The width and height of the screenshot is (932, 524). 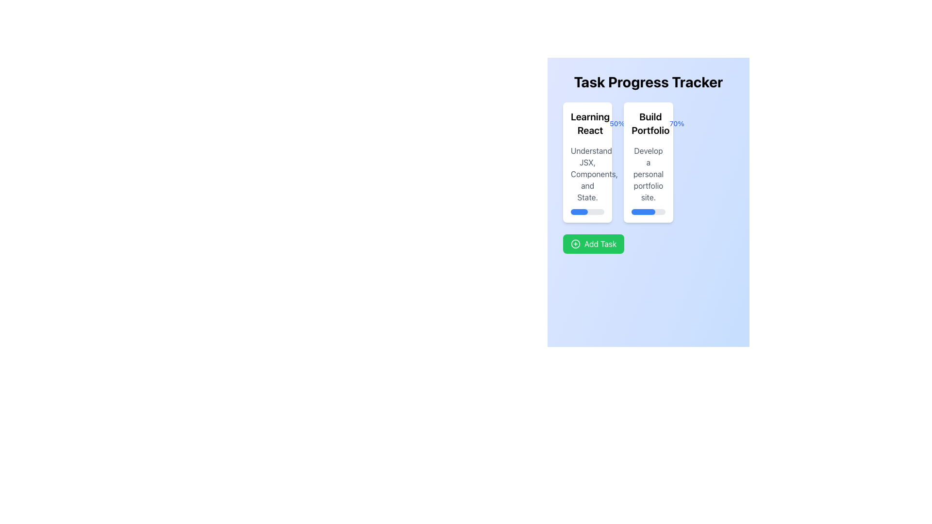 What do you see at coordinates (648, 211) in the screenshot?
I see `the Progress Bar representing the 70% completion level for the 'Build Portfolio' task, located within the 'Task Progress Tracker' section` at bounding box center [648, 211].